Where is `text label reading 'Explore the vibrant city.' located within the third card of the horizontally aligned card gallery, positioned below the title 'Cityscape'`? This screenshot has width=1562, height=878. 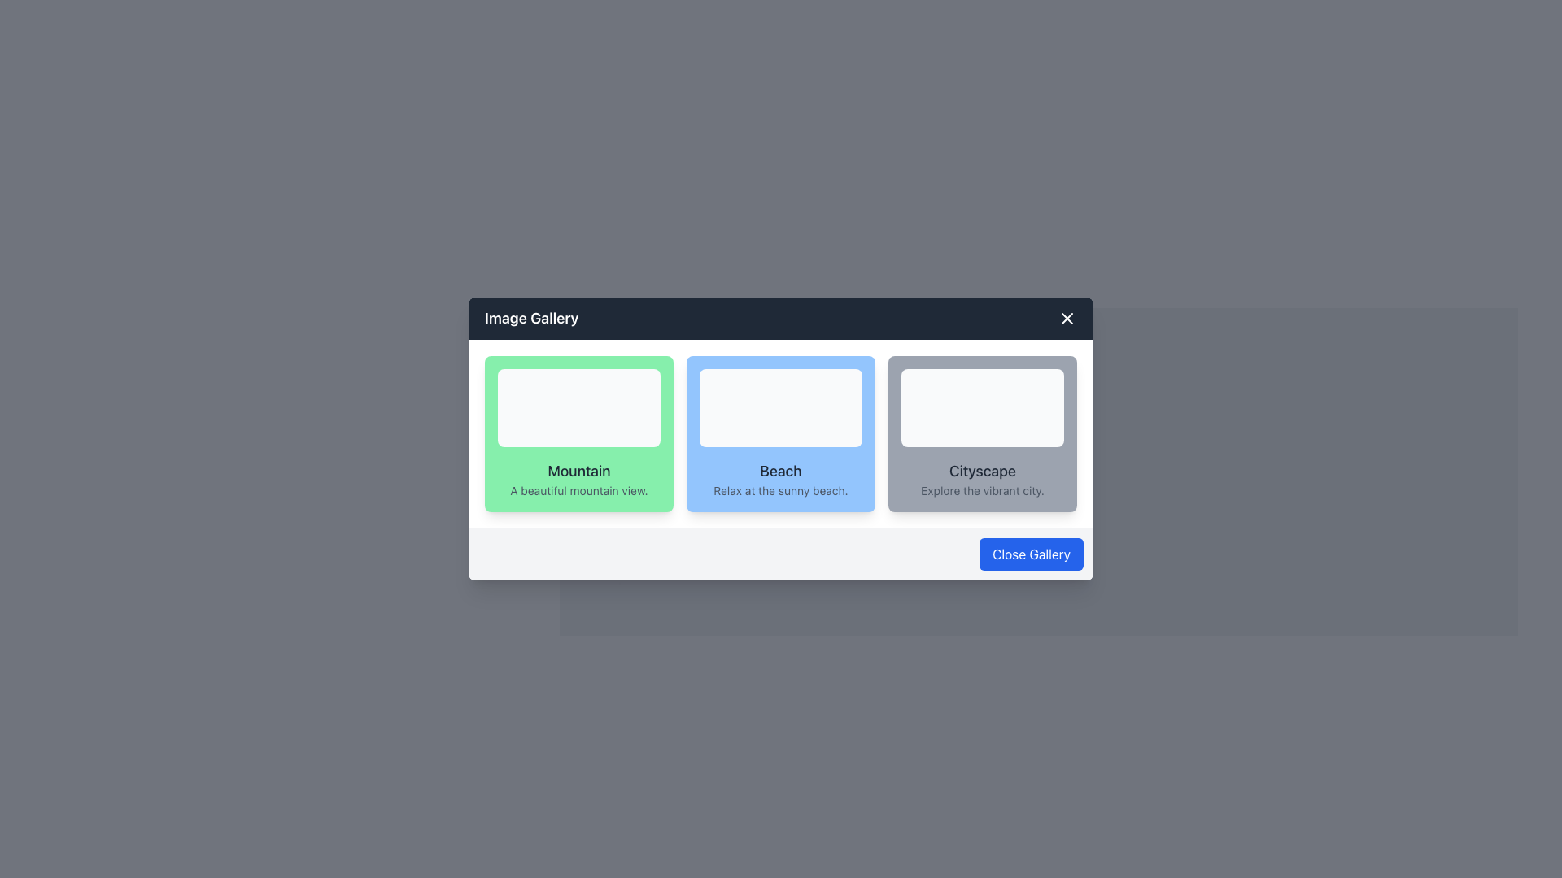 text label reading 'Explore the vibrant city.' located within the third card of the horizontally aligned card gallery, positioned below the title 'Cityscape' is located at coordinates (982, 490).